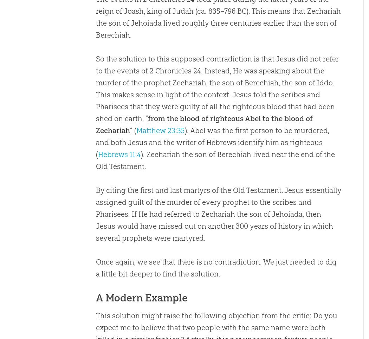 Image resolution: width=369 pixels, height=339 pixels. What do you see at coordinates (119, 154) in the screenshot?
I see `'Hebrews 11:4'` at bounding box center [119, 154].